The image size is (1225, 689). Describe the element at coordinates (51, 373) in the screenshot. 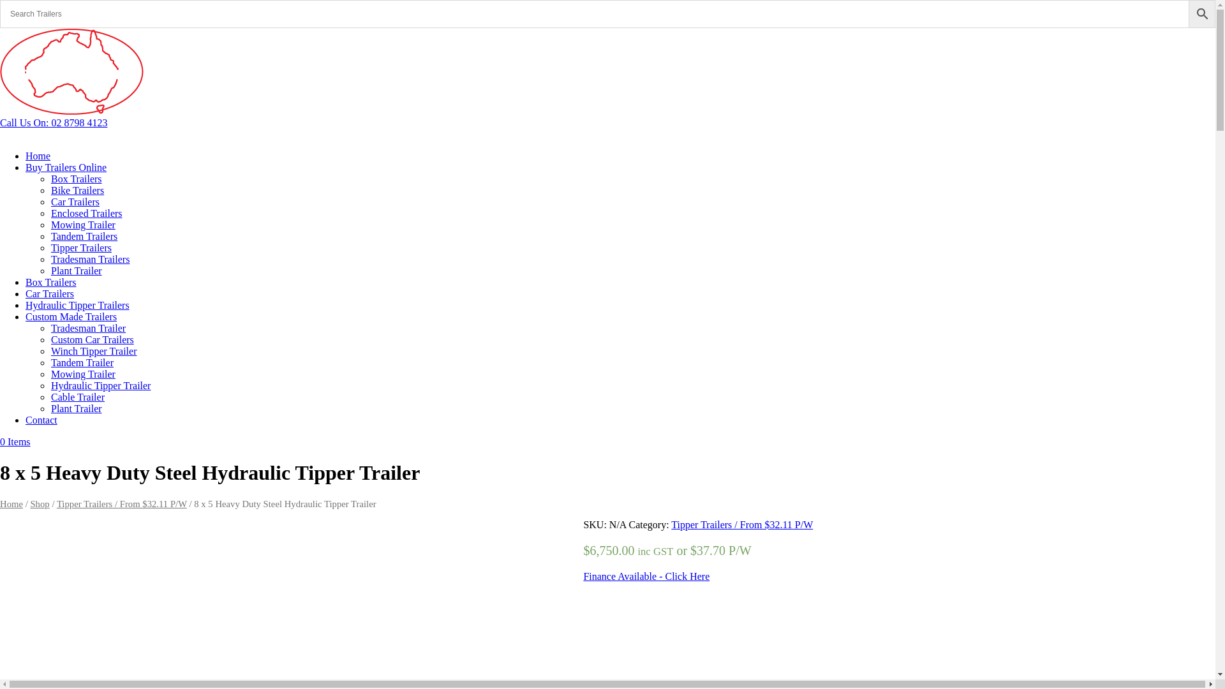

I see `'Mowing Trailer'` at that location.